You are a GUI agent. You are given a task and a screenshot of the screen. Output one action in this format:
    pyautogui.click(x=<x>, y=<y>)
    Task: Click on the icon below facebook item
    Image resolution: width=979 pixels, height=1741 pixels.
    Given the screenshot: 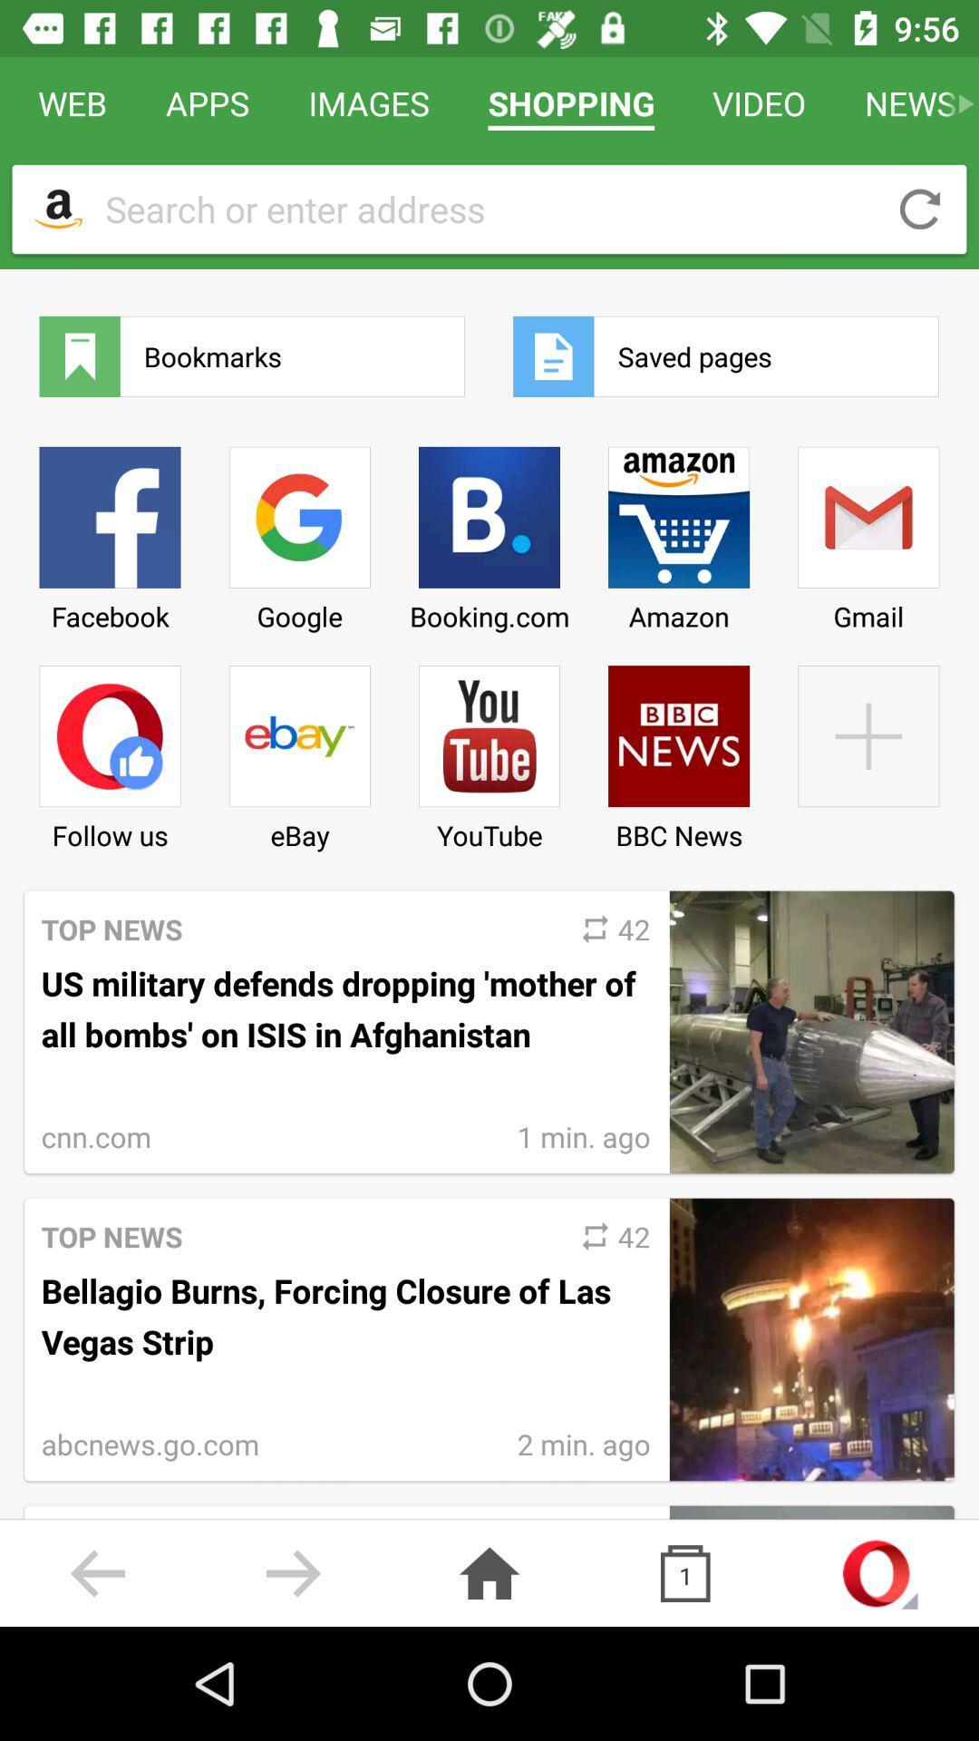 What is the action you would take?
    pyautogui.click(x=110, y=751)
    